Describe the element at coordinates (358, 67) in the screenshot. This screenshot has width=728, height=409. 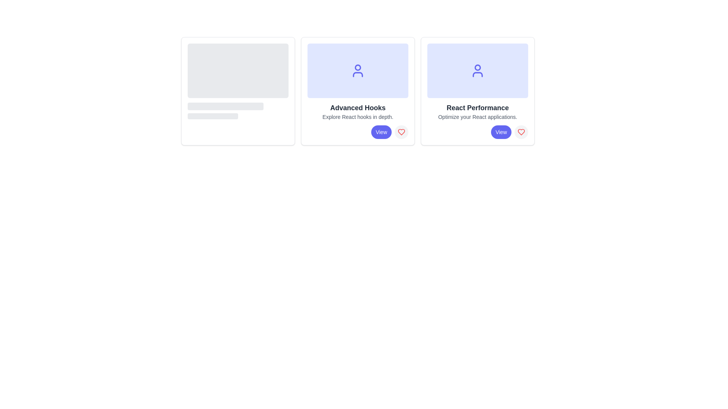
I see `the appearance of the blue circular graphic located at the center of the user profile icon within the 'Advanced Hooks' card` at that location.